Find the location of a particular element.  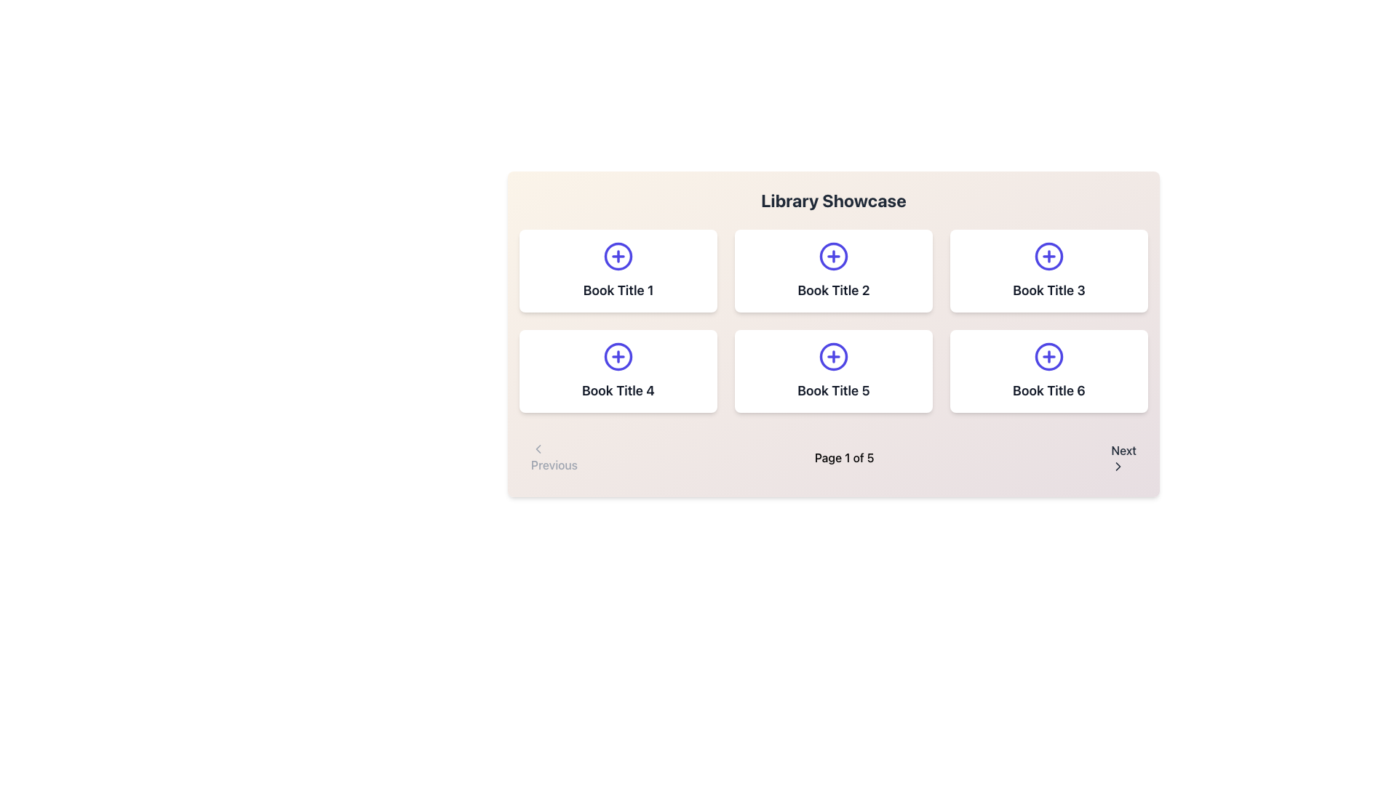

the circular indigo icon with a plus sign in the center located in the second panel of the interface grid, which is centered in the first row and second column is located at coordinates (834, 256).